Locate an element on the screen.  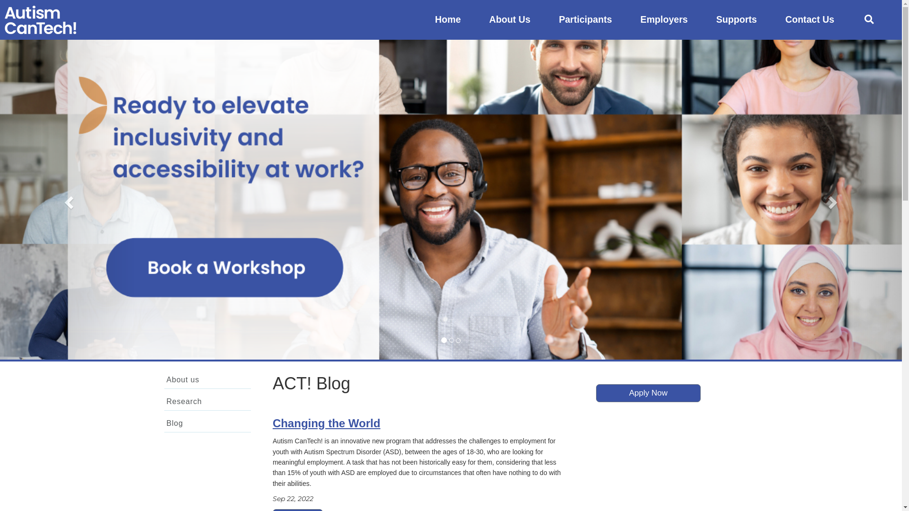
'Supports' is located at coordinates (736, 20).